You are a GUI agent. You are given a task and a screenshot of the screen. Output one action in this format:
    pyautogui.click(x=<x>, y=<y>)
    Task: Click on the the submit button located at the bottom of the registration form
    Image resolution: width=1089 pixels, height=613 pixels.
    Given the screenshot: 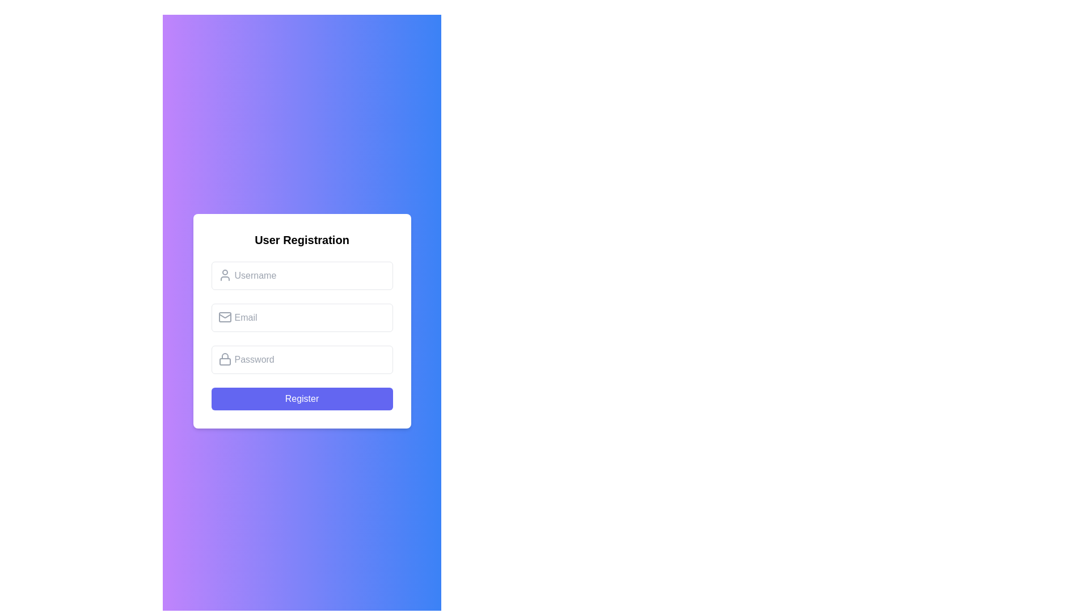 What is the action you would take?
    pyautogui.click(x=302, y=398)
    